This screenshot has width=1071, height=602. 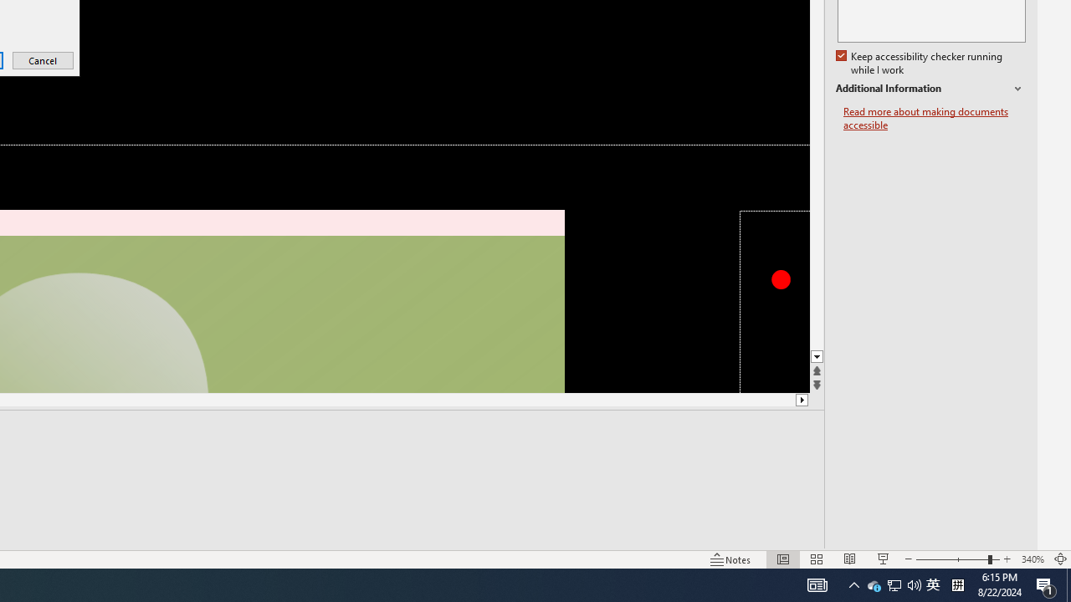 I want to click on 'Read more about making documents accessible', so click(x=934, y=118).